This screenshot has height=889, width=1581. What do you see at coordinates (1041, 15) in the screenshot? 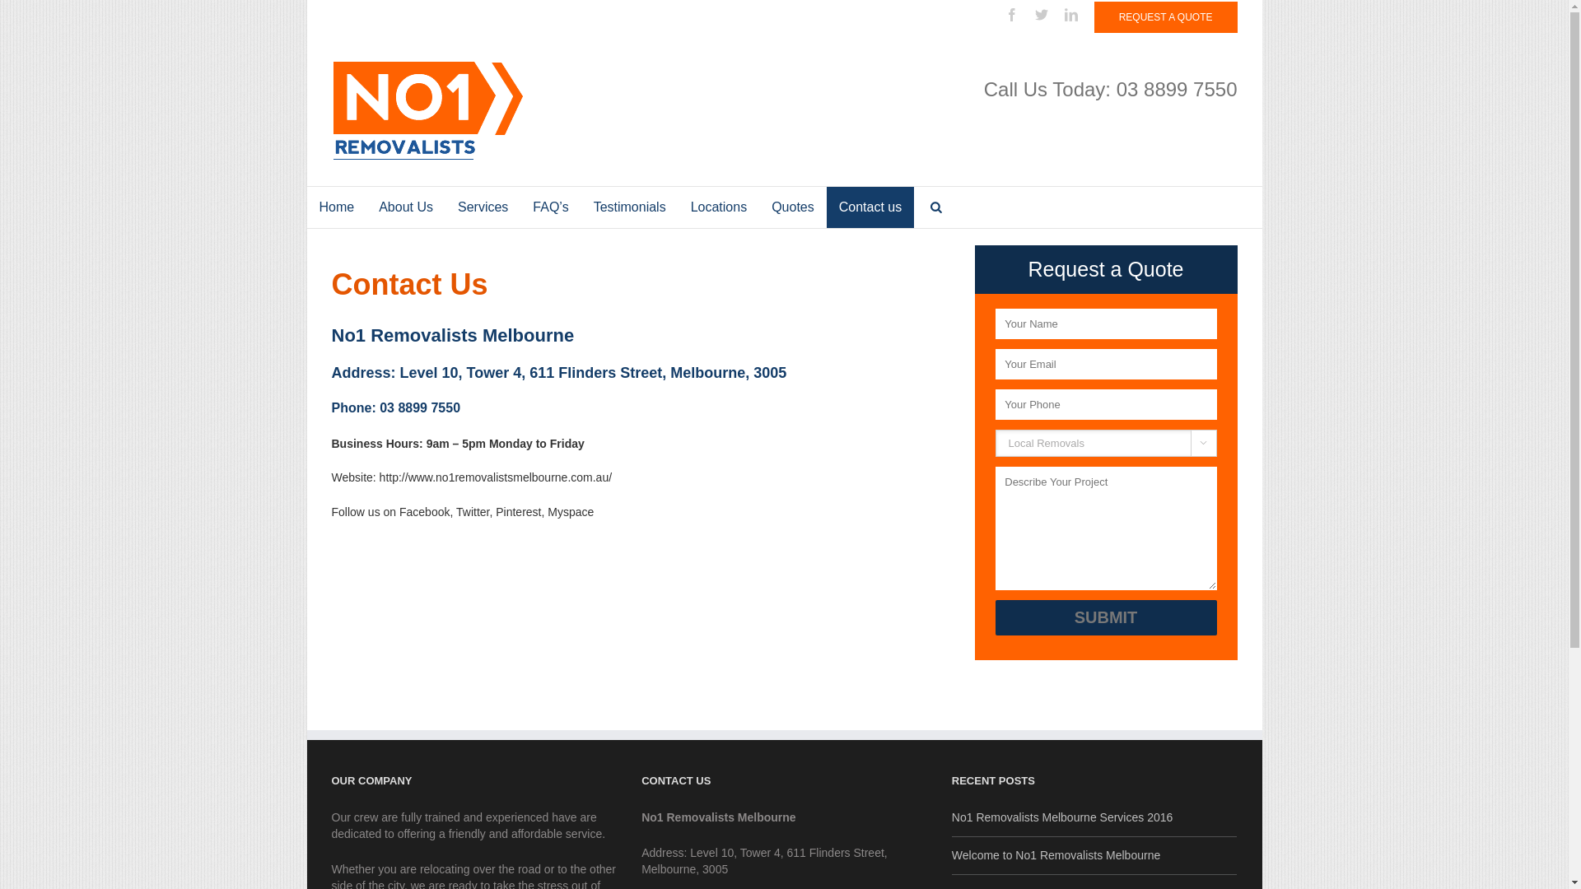
I see `'Twitter'` at bounding box center [1041, 15].